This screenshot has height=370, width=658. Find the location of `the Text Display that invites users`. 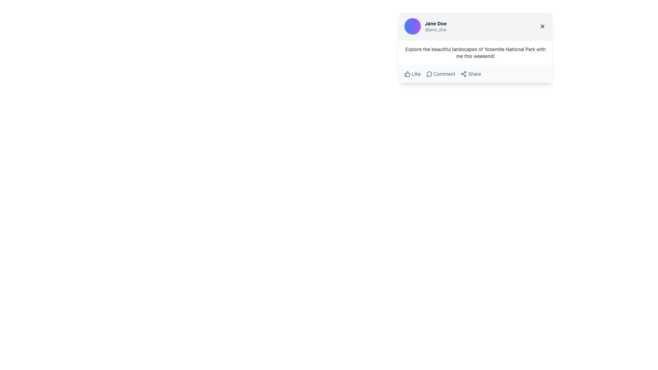

the Text Display that invites users is located at coordinates (475, 52).